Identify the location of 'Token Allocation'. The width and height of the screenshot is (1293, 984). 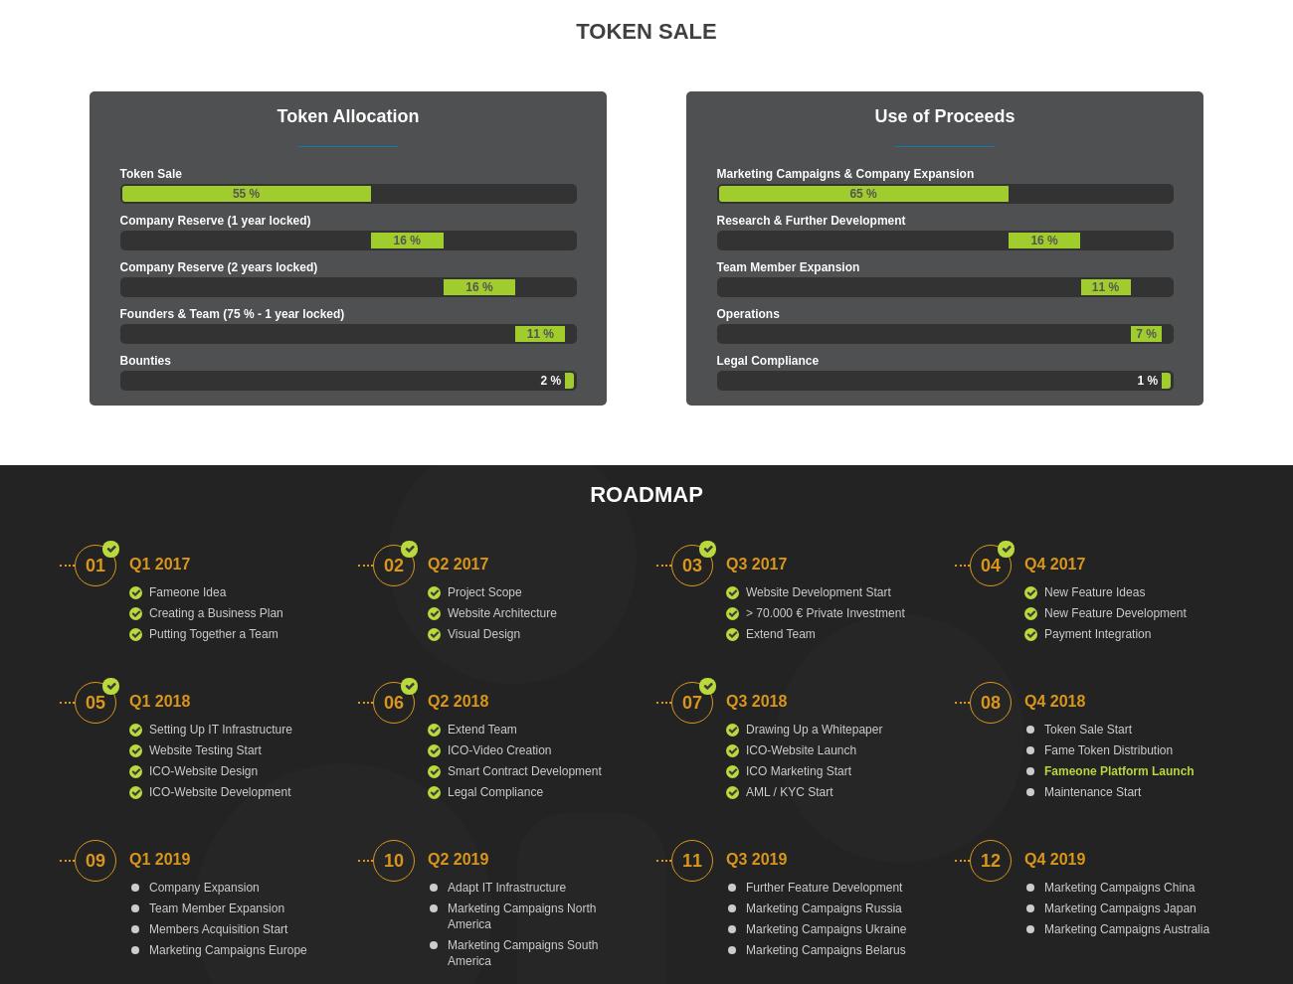
(276, 115).